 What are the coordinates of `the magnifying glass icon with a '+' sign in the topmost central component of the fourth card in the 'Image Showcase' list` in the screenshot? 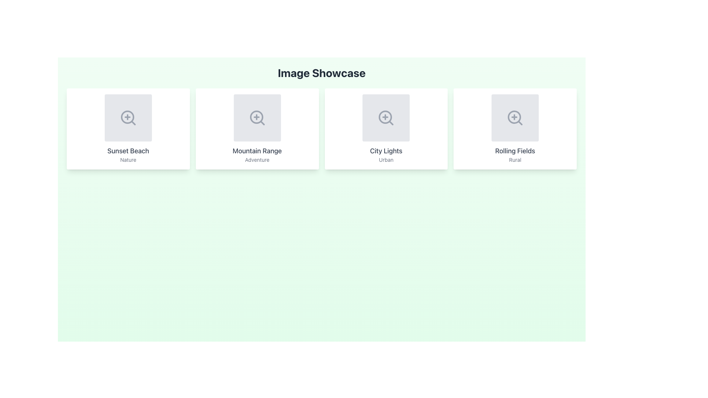 It's located at (515, 118).